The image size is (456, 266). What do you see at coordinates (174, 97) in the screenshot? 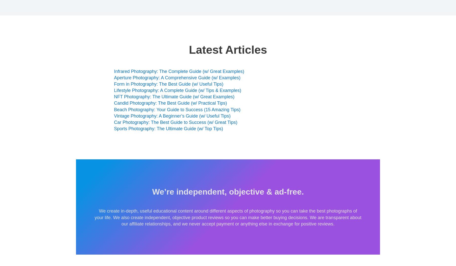
I see `'NFT Photography: The Ultimate Guide (w/ Great Examples)'` at bounding box center [174, 97].